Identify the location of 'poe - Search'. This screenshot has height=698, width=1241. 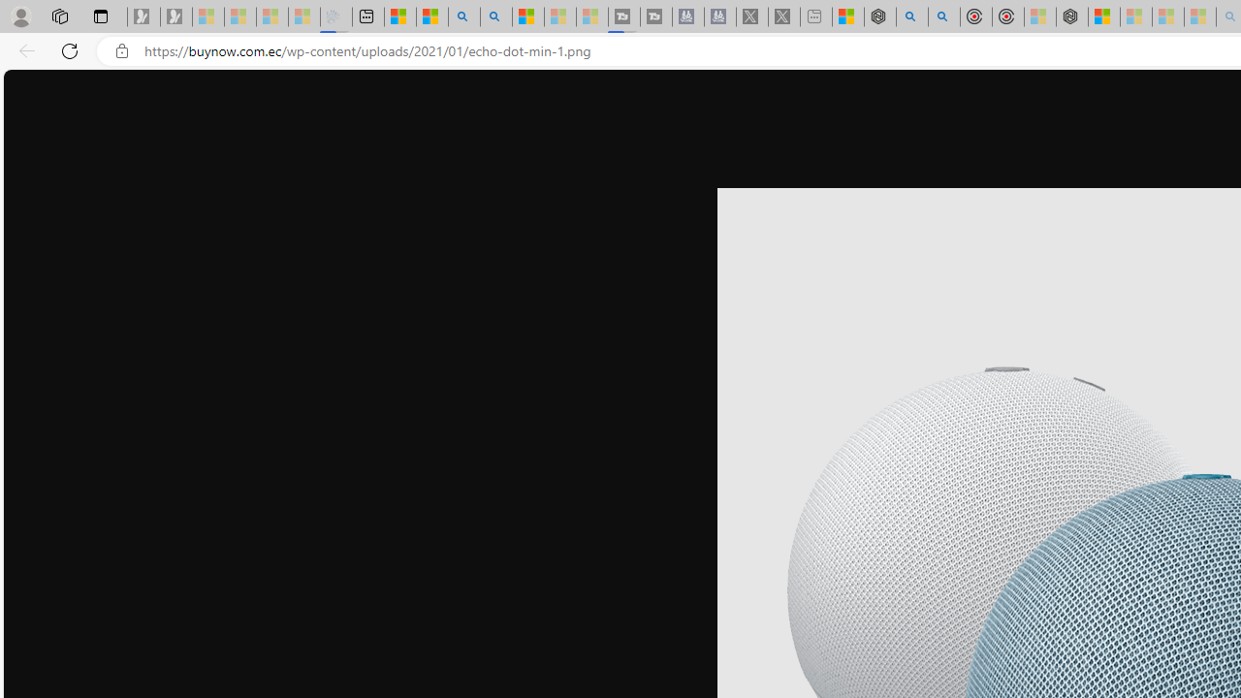
(911, 16).